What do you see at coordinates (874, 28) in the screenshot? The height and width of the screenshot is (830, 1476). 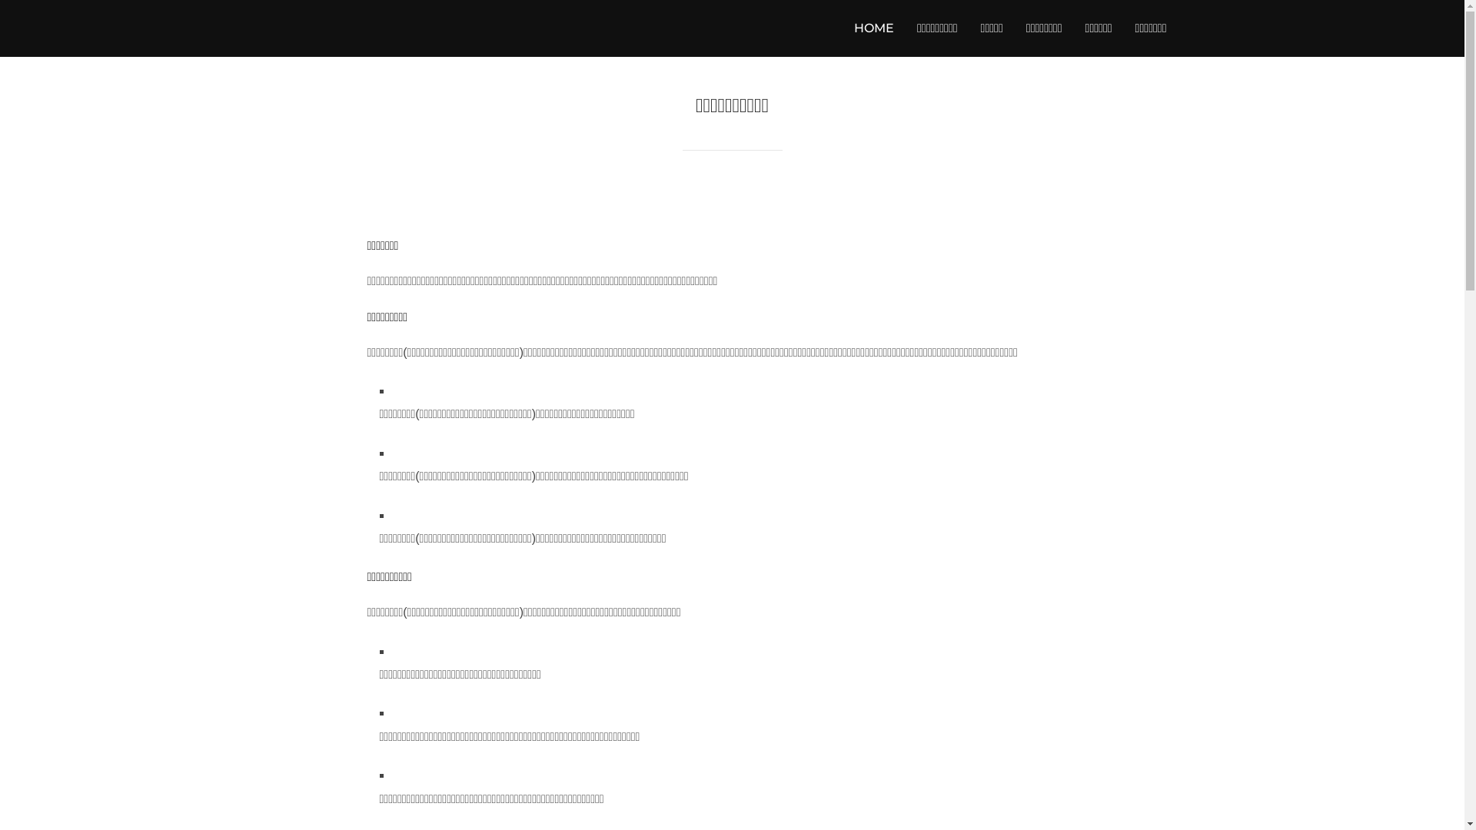 I see `'HOME'` at bounding box center [874, 28].